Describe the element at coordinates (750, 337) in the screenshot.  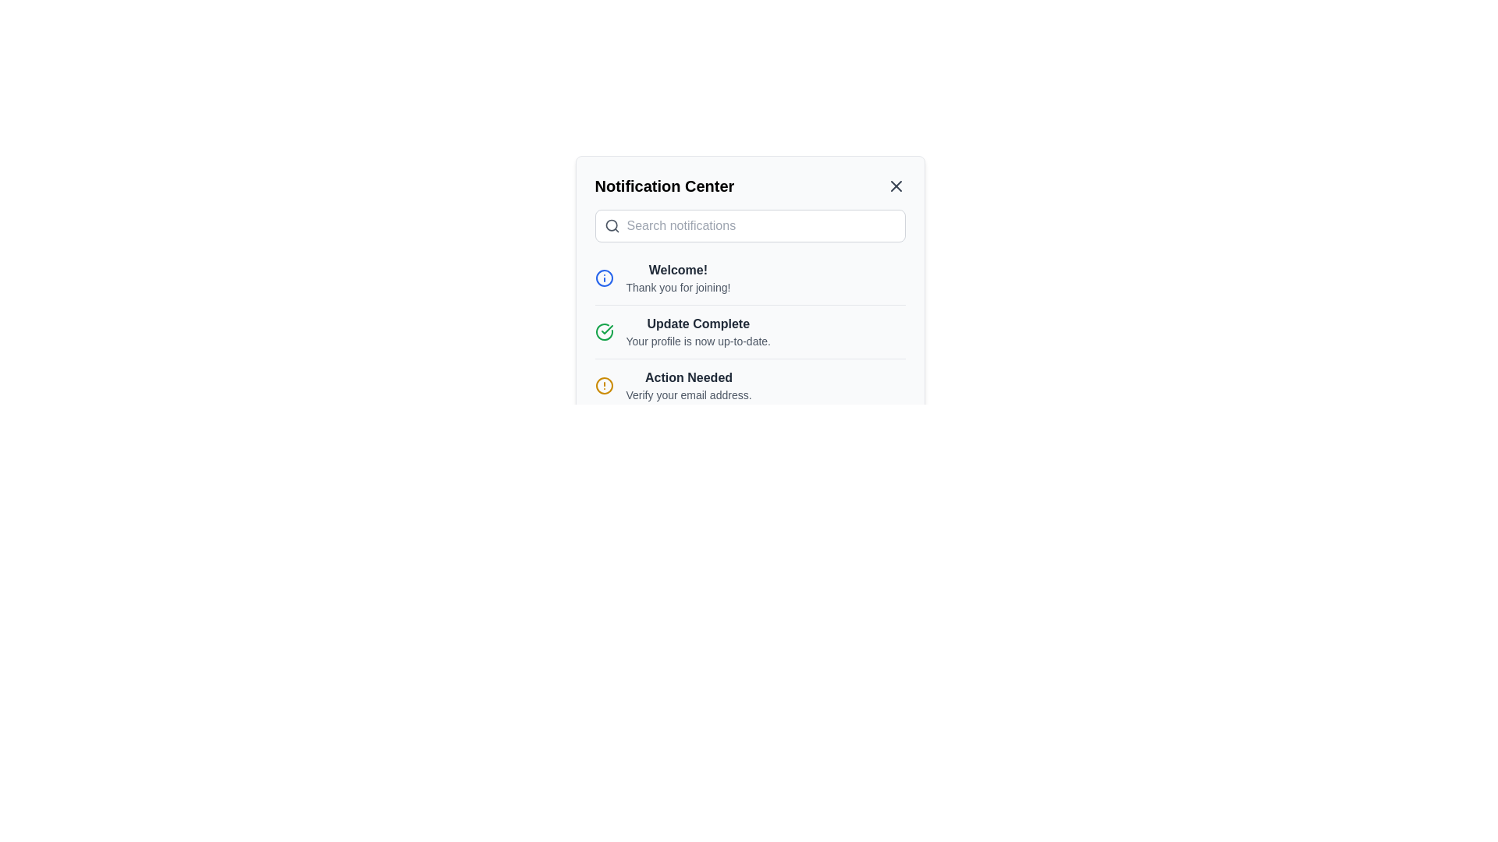
I see `the List of notification items located centrally in the Notification Center, positioned below the search bar` at that location.